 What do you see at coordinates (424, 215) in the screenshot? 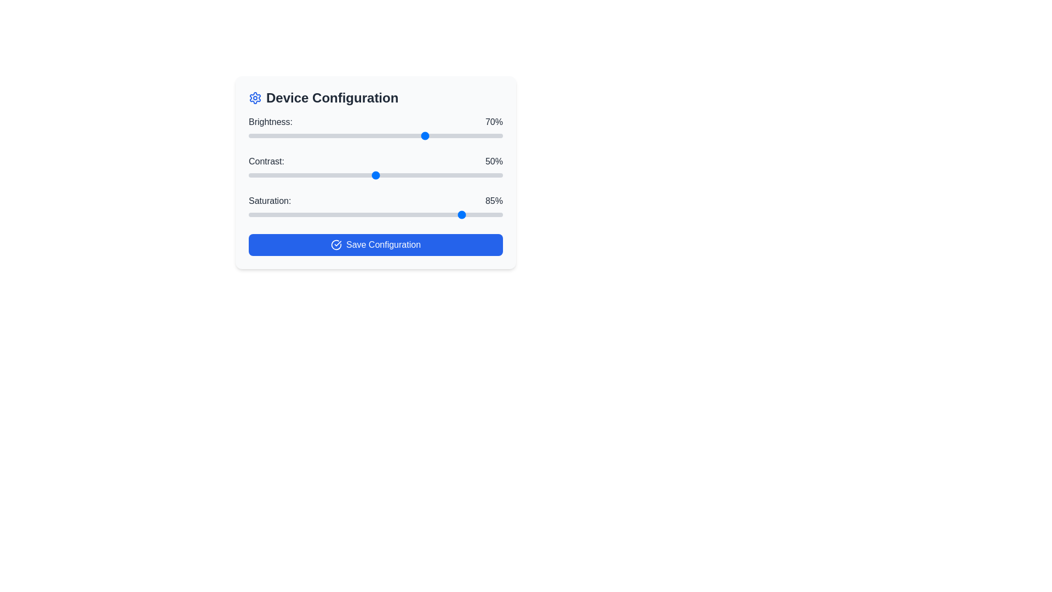
I see `the saturation level` at bounding box center [424, 215].